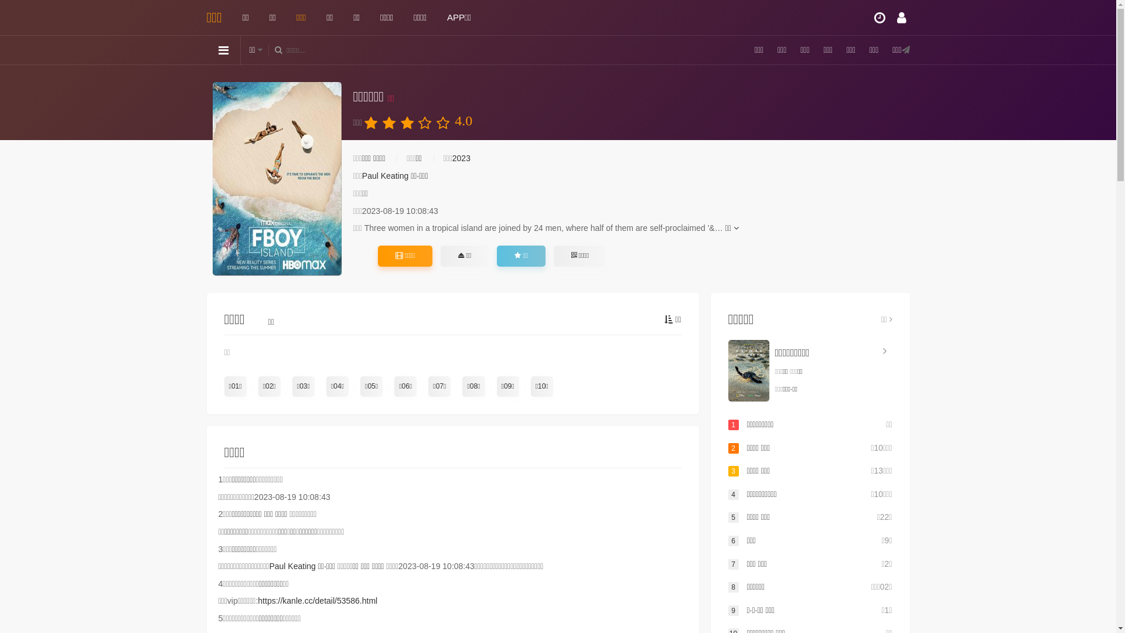  Describe the element at coordinates (318, 601) in the screenshot. I see `'https://kanle.cc/detail/53586.html'` at that location.